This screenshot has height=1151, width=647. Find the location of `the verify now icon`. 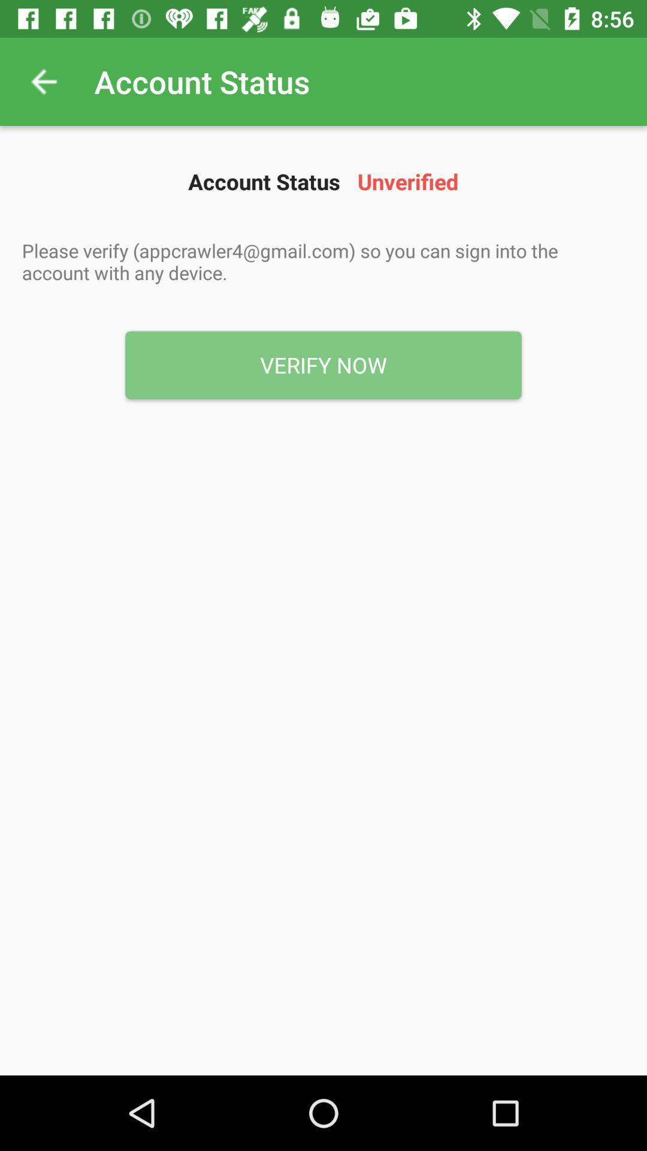

the verify now icon is located at coordinates (323, 364).